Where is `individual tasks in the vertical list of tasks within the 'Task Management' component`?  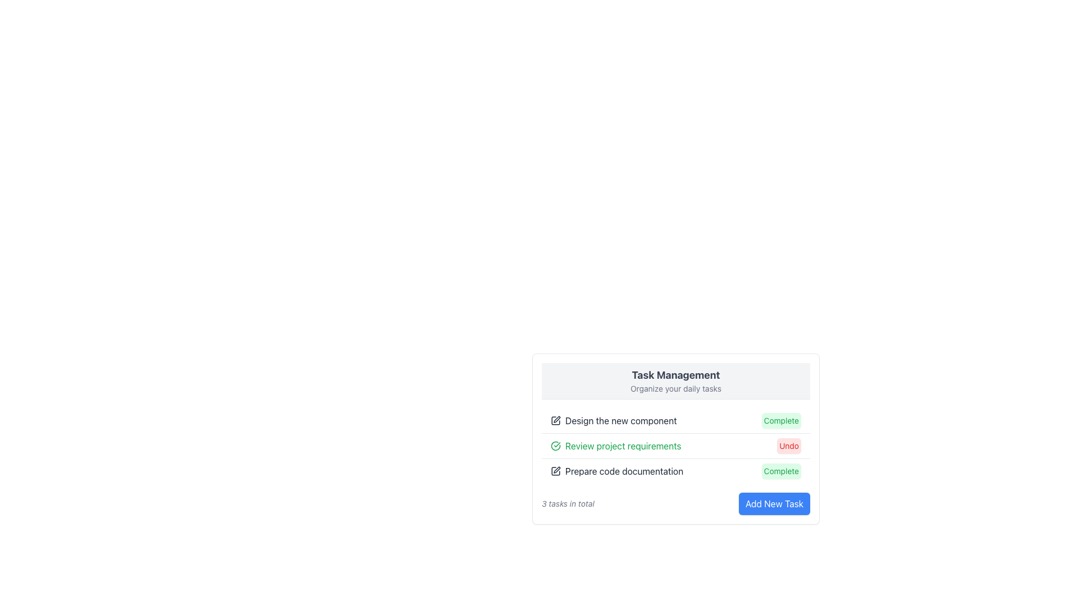 individual tasks in the vertical list of tasks within the 'Task Management' component is located at coordinates (675, 445).